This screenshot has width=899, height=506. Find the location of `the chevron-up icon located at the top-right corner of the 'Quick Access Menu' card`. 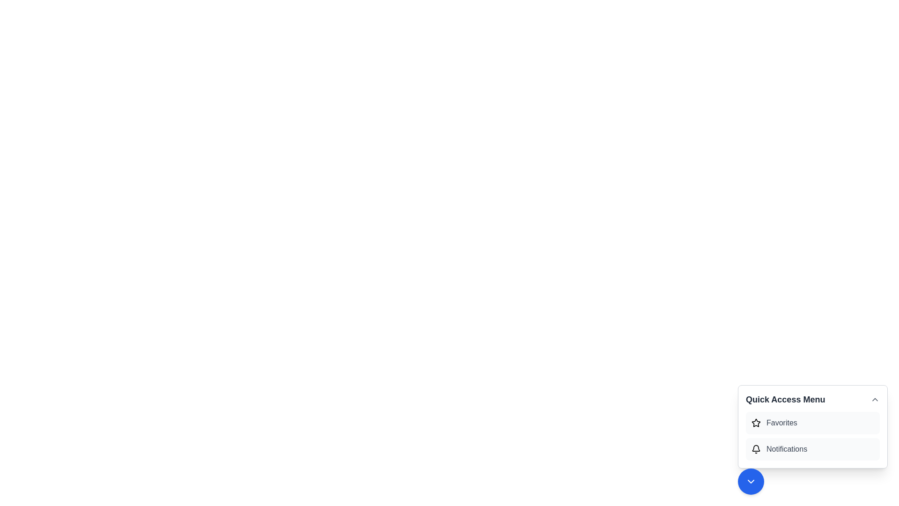

the chevron-up icon located at the top-right corner of the 'Quick Access Menu' card is located at coordinates (874, 399).